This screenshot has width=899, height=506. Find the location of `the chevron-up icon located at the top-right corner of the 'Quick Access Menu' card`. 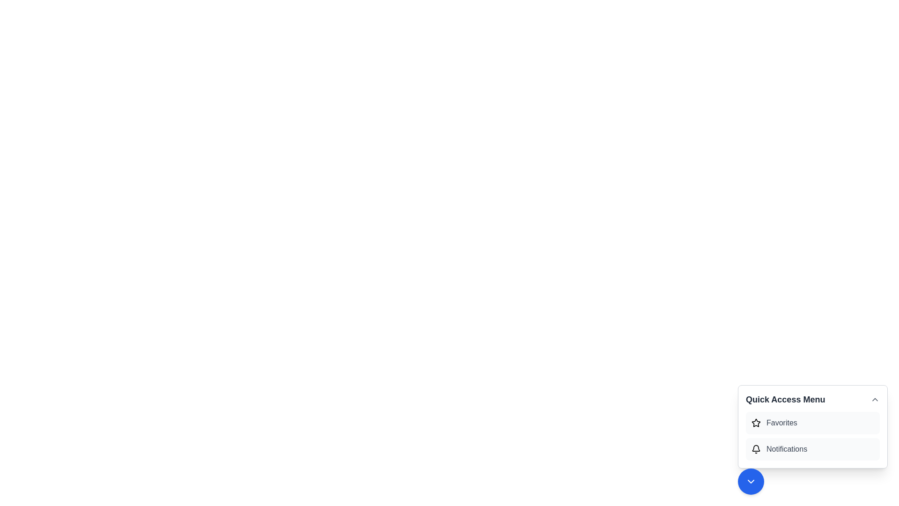

the chevron-up icon located at the top-right corner of the 'Quick Access Menu' card is located at coordinates (874, 399).